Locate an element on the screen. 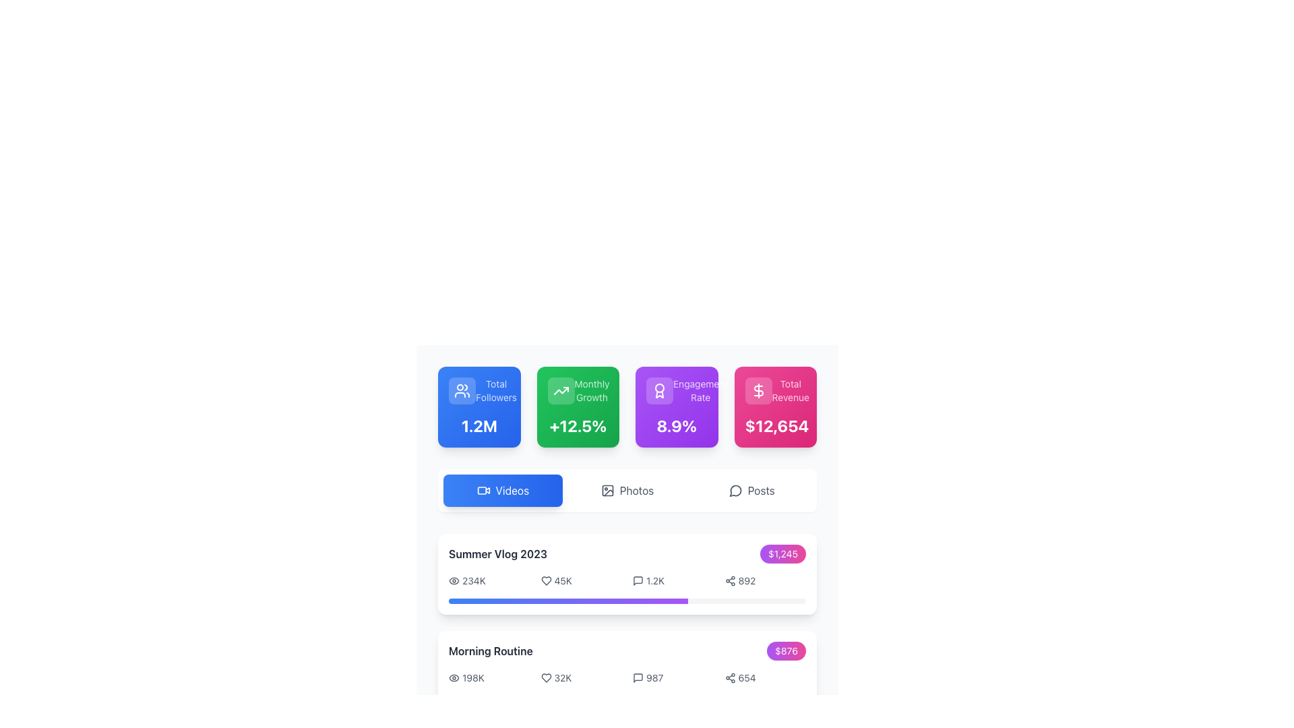 Image resolution: width=1294 pixels, height=728 pixels. the label that describes the monitored parameter in the top-left corner of the green card, which is centrally aligned above the bold '+12.5%' label is located at coordinates (578, 390).